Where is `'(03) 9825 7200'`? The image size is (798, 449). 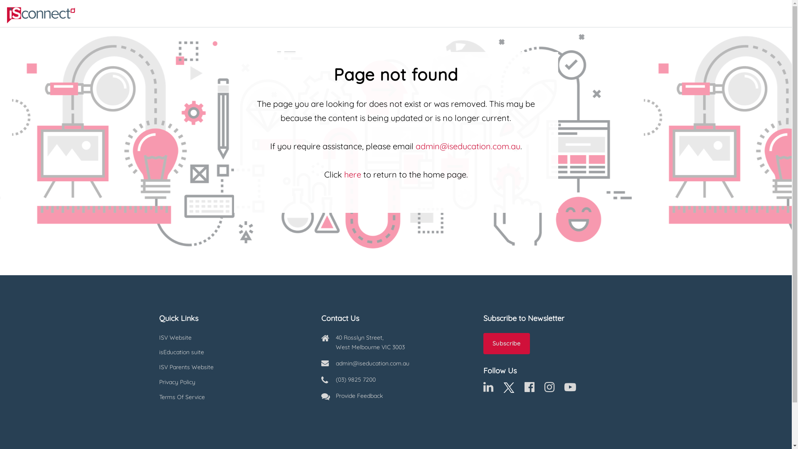
'(03) 9825 7200' is located at coordinates (355, 380).